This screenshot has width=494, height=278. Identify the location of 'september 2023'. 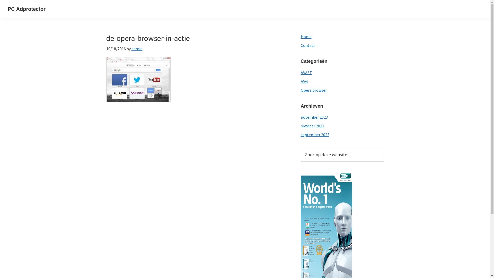
(300, 134).